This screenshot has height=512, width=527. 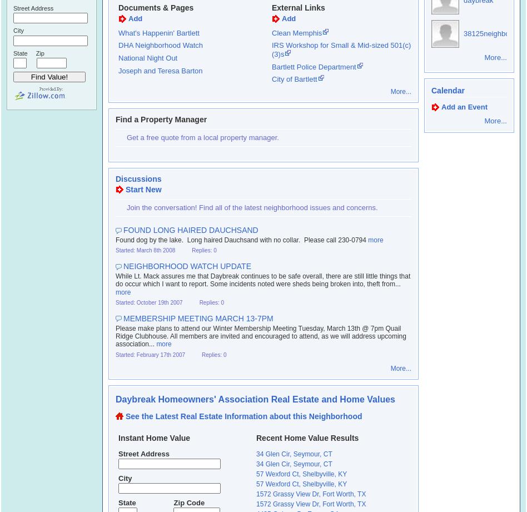 I want to click on 'Find a Property Manager', so click(x=161, y=118).